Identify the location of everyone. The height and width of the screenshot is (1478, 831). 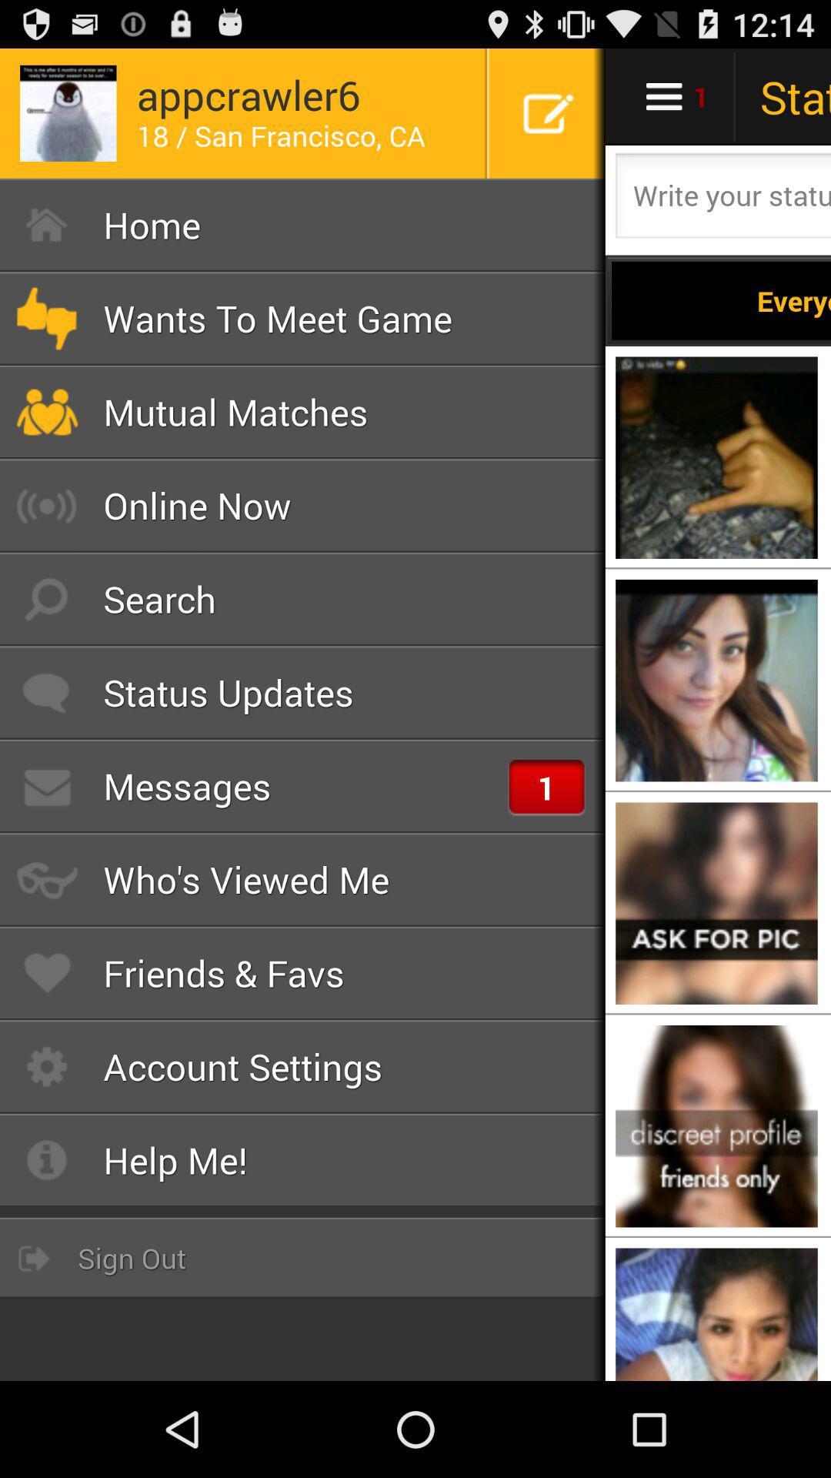
(721, 300).